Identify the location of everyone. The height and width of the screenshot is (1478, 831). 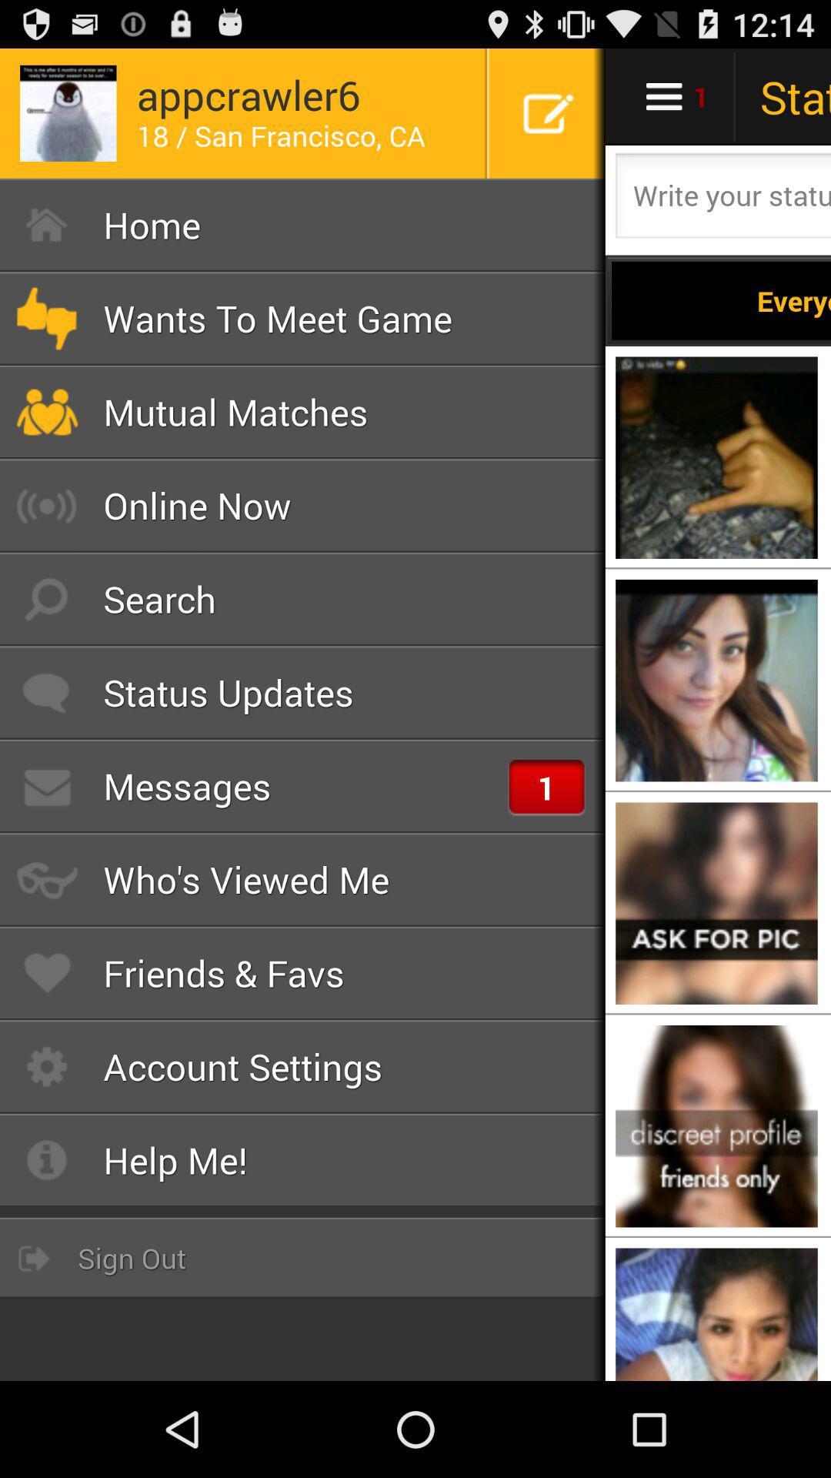
(721, 300).